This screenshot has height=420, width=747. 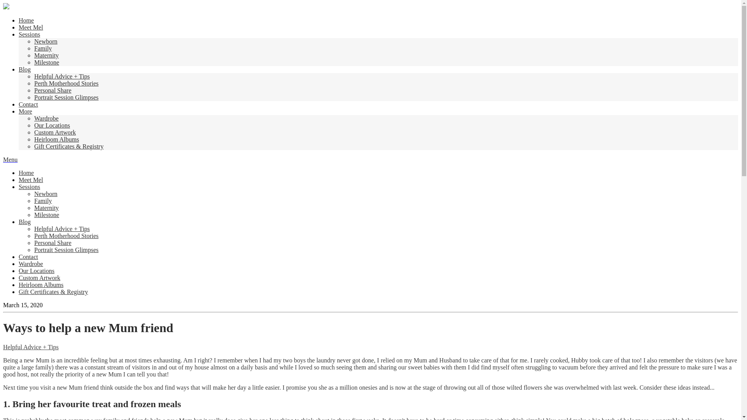 I want to click on 'Blog', so click(x=25, y=69).